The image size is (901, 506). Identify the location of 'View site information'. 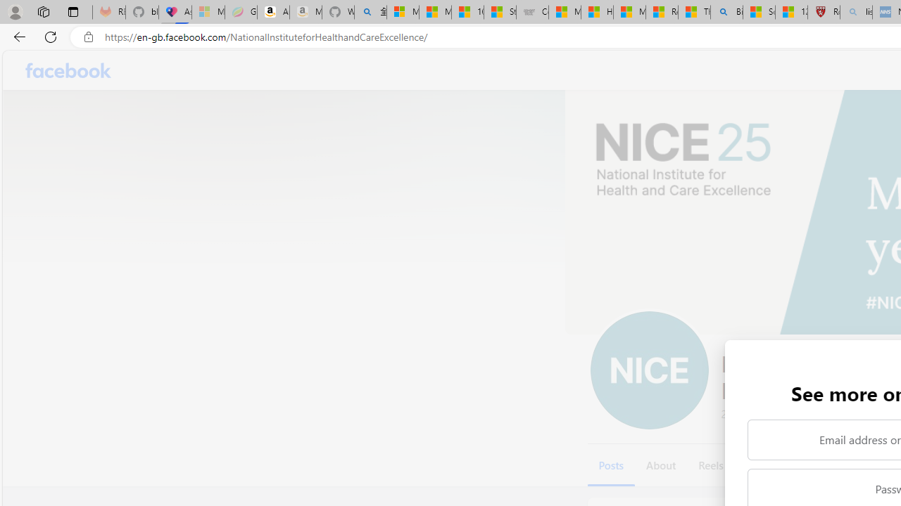
(88, 37).